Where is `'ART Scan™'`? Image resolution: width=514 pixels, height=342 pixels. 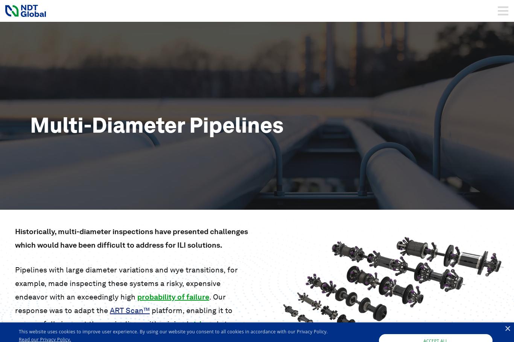
'ART Scan™' is located at coordinates (129, 310).